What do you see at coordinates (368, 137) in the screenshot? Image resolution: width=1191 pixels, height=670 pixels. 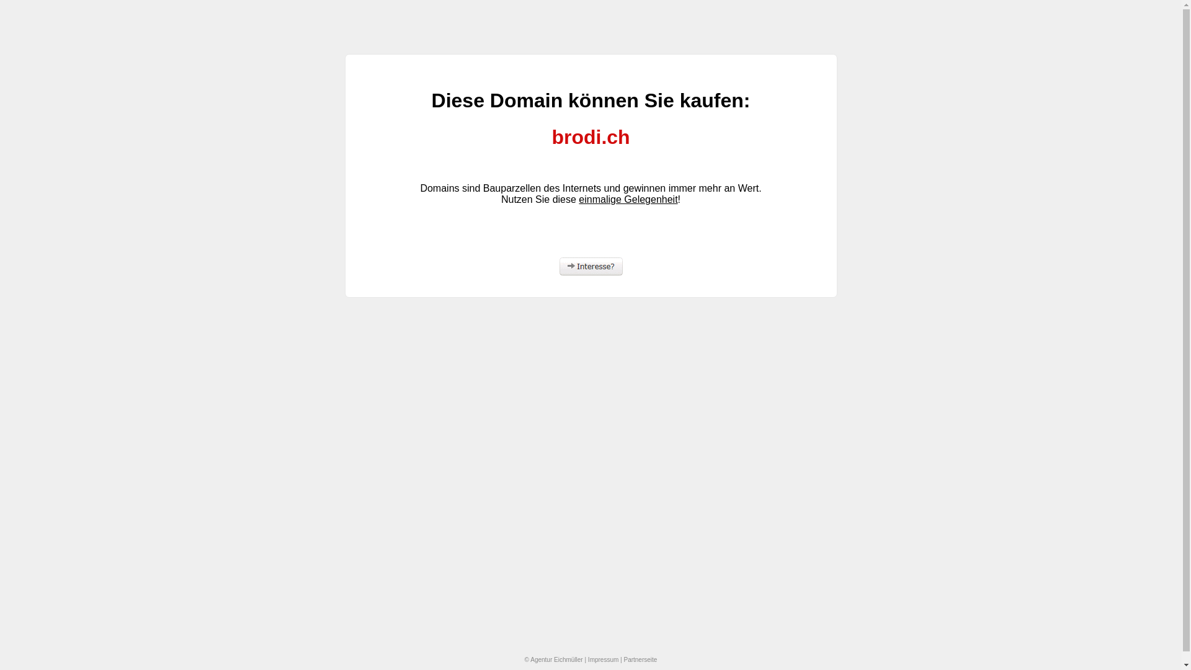 I see `'brodi.ch'` at bounding box center [368, 137].